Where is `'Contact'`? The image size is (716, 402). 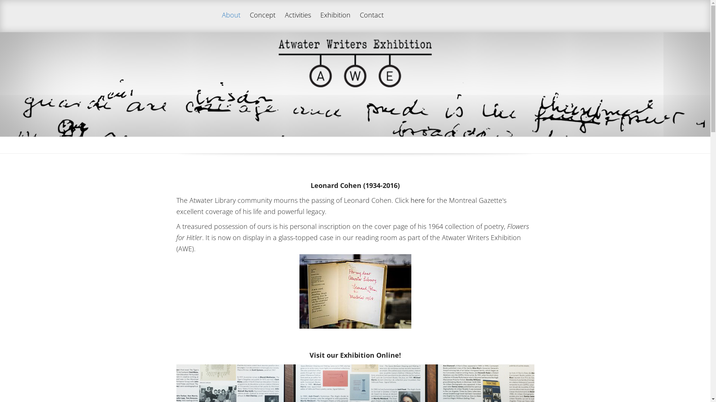
'Contact' is located at coordinates (371, 21).